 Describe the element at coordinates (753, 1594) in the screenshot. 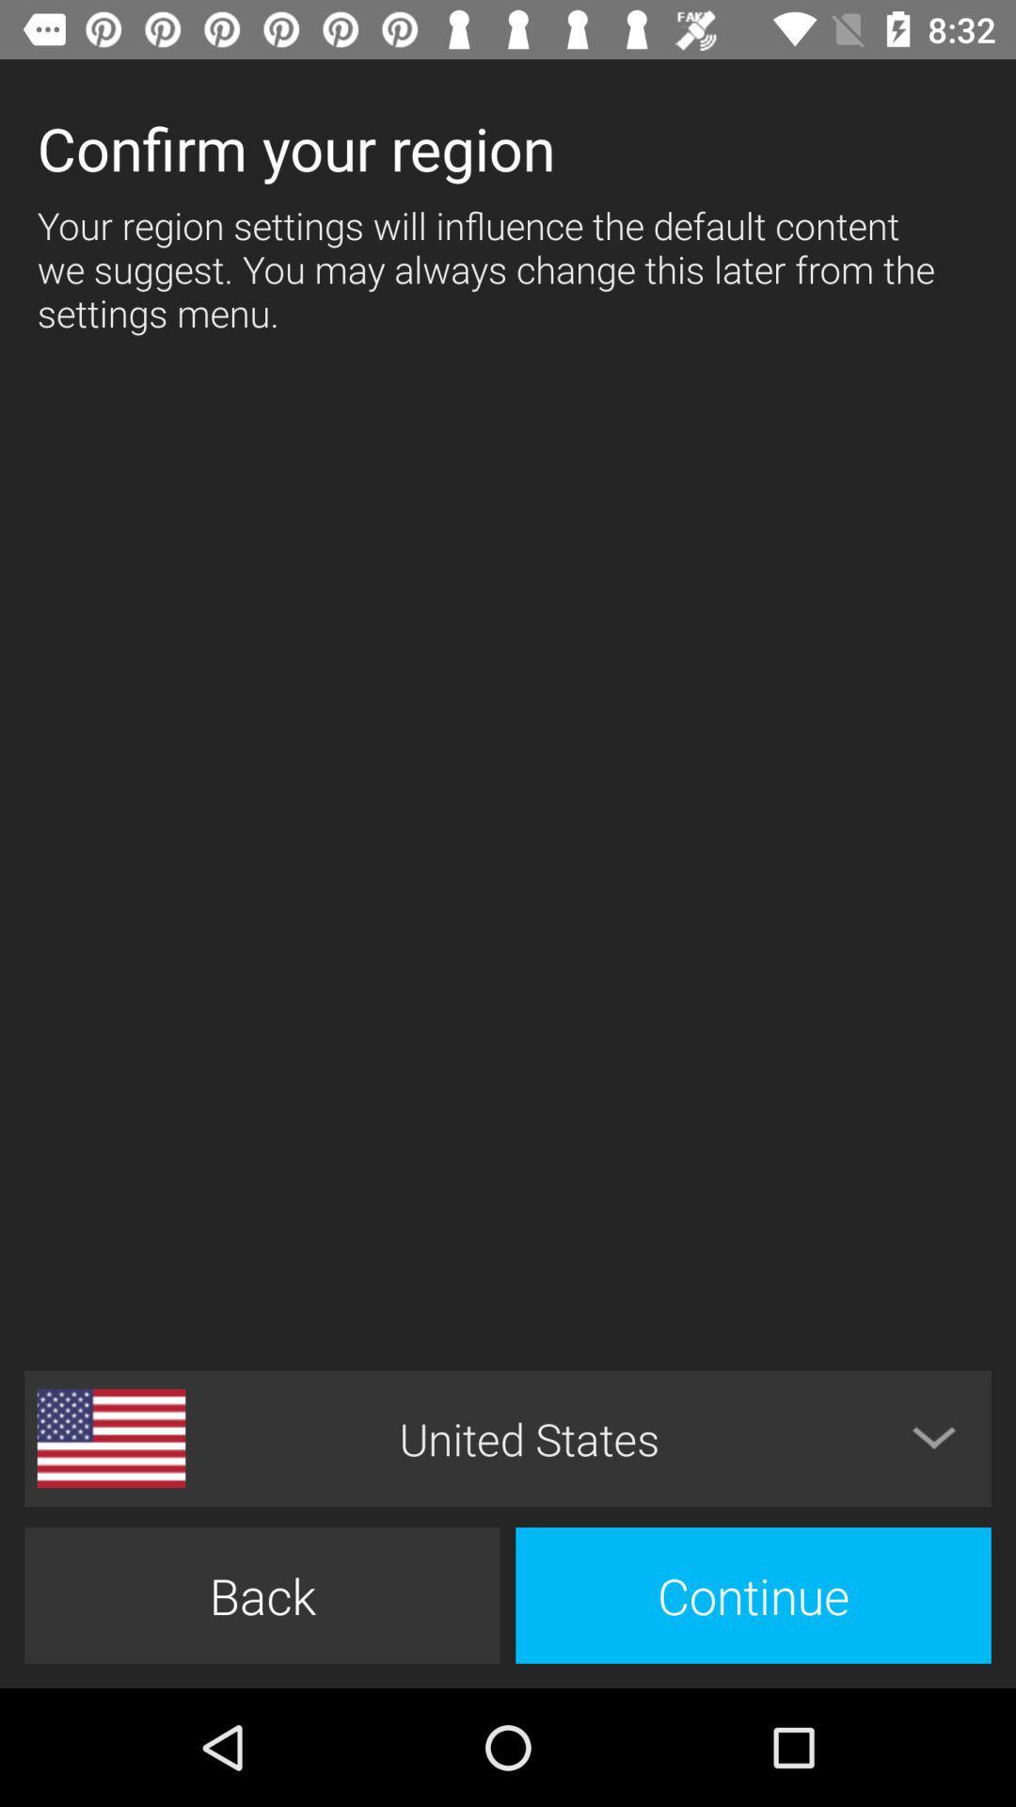

I see `the continue item` at that location.